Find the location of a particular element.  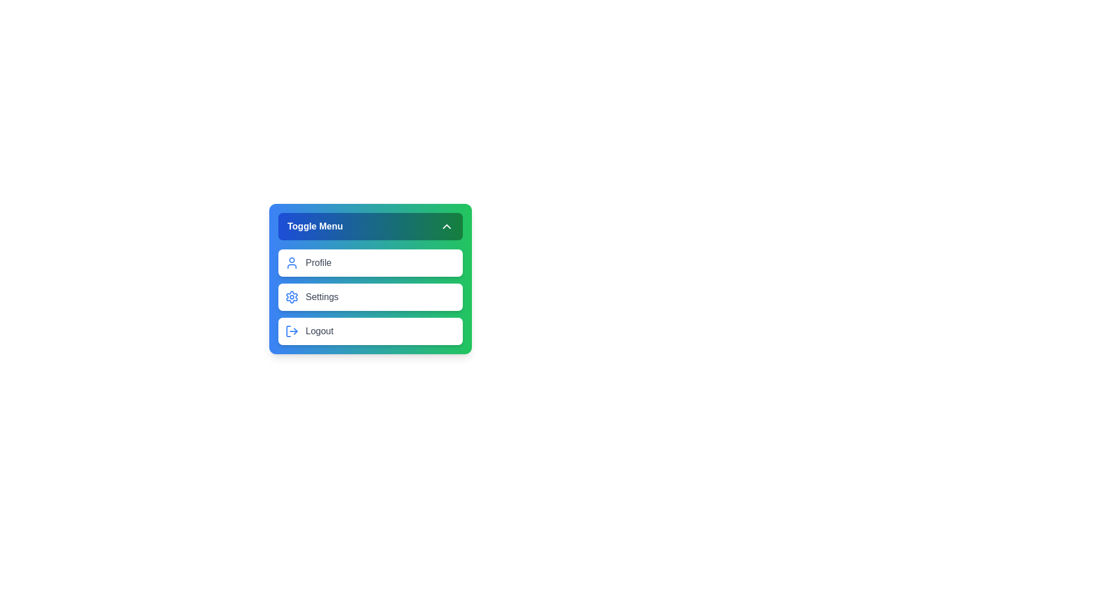

the menu item Logout to select it is located at coordinates (371, 331).